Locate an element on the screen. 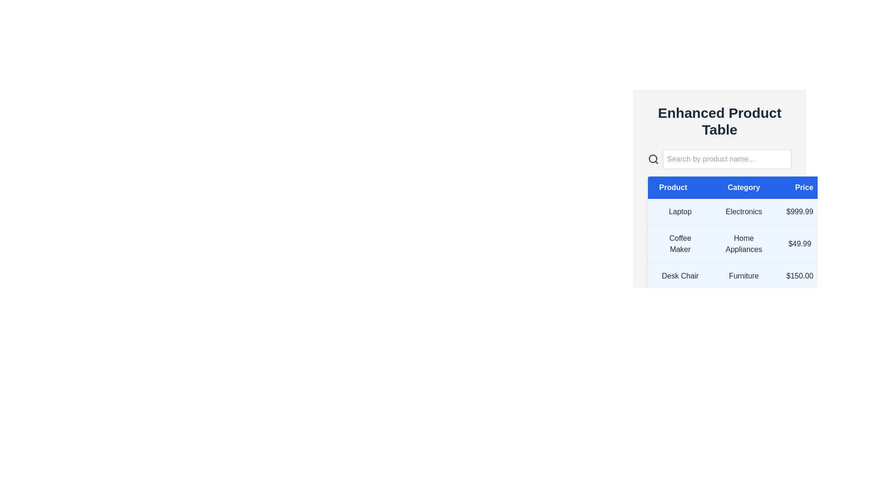  the text label displaying the product name 'Laptop' located in the first row of the table under the 'Product' column is located at coordinates (680, 212).